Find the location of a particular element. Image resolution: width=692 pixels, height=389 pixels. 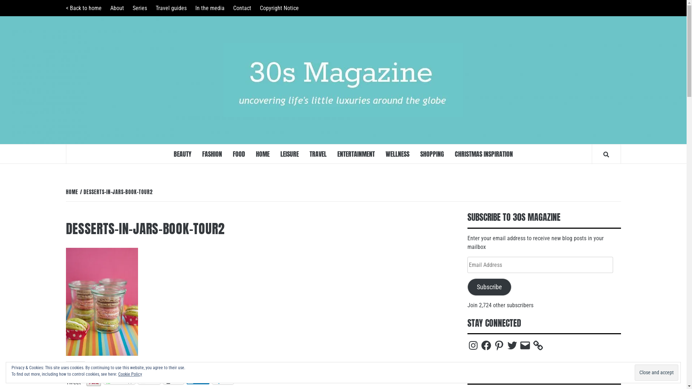

'Contact' is located at coordinates (229, 8).